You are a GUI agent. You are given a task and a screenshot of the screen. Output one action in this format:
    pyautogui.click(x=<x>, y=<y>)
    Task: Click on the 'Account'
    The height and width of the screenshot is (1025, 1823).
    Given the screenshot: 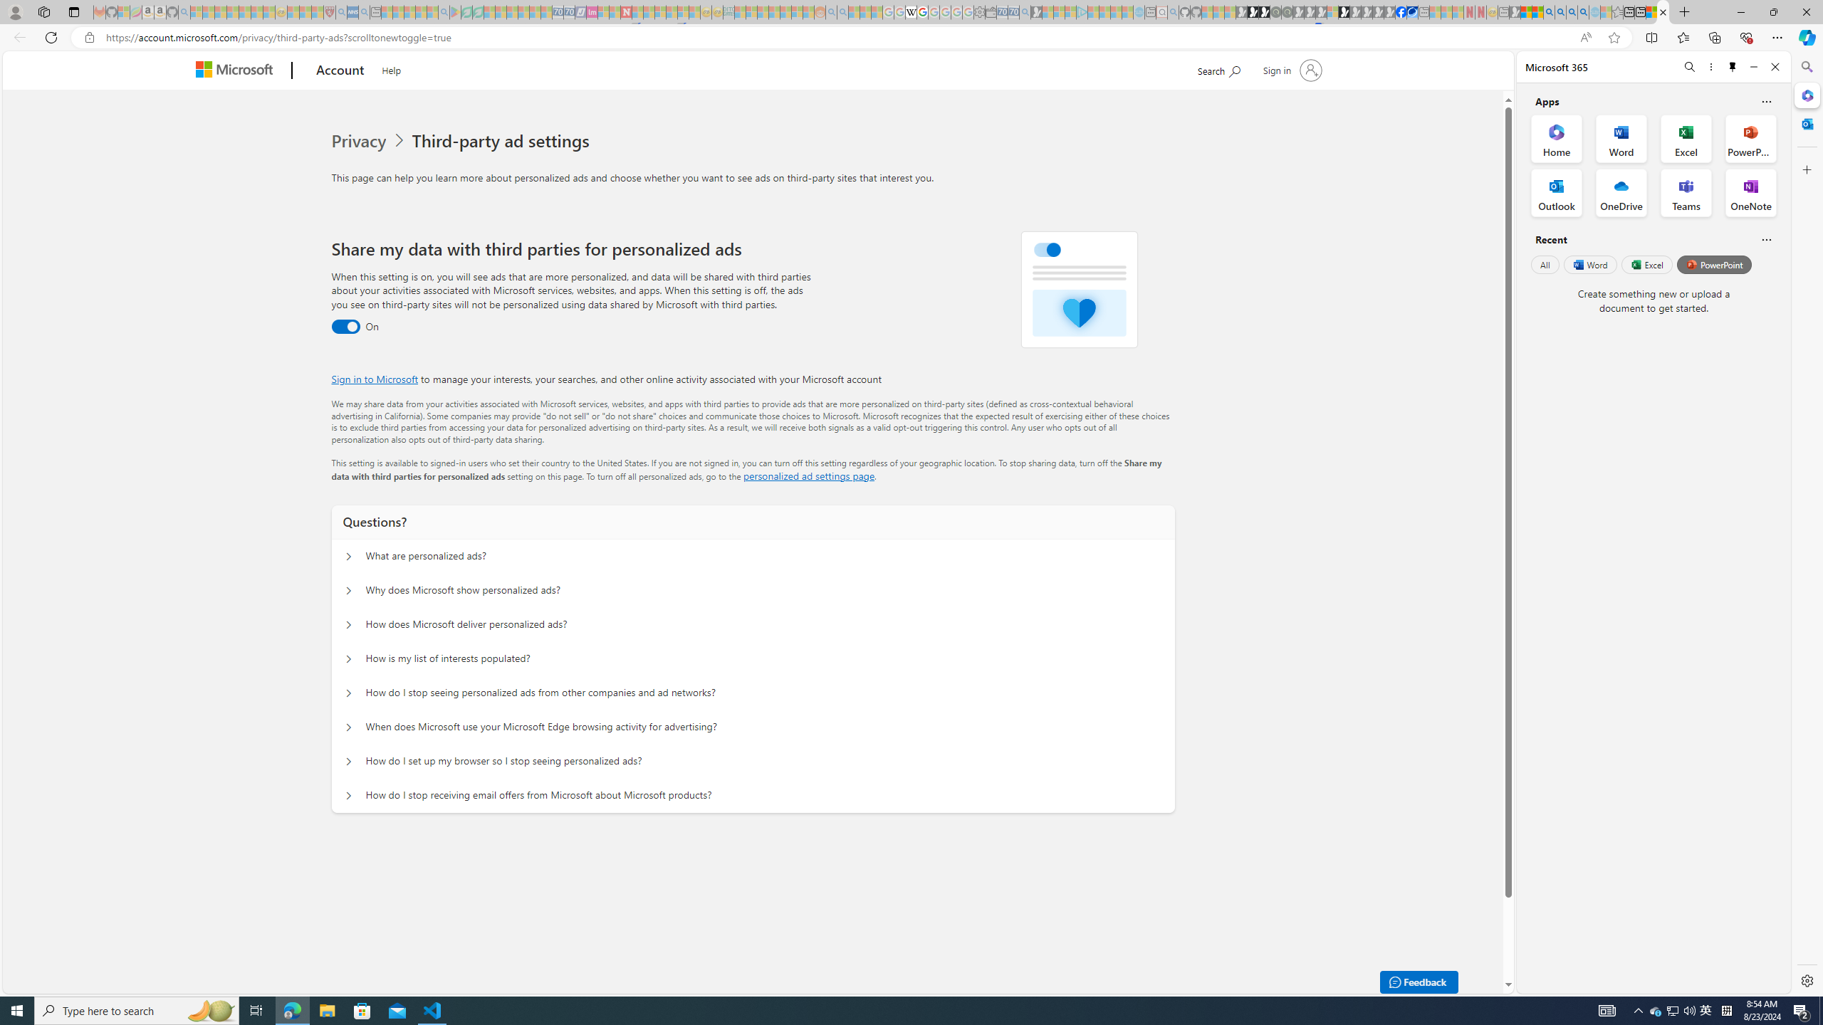 What is the action you would take?
    pyautogui.click(x=340, y=70)
    